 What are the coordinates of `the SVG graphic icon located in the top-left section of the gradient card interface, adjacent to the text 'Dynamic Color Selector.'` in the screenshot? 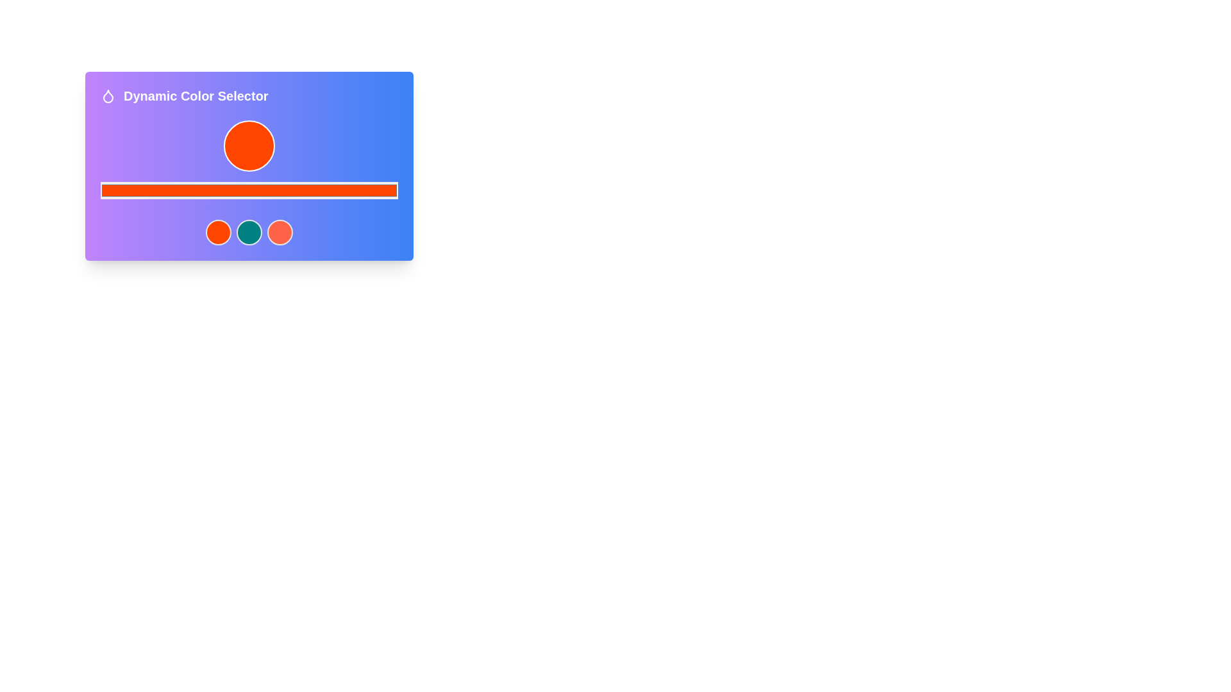 It's located at (108, 95).